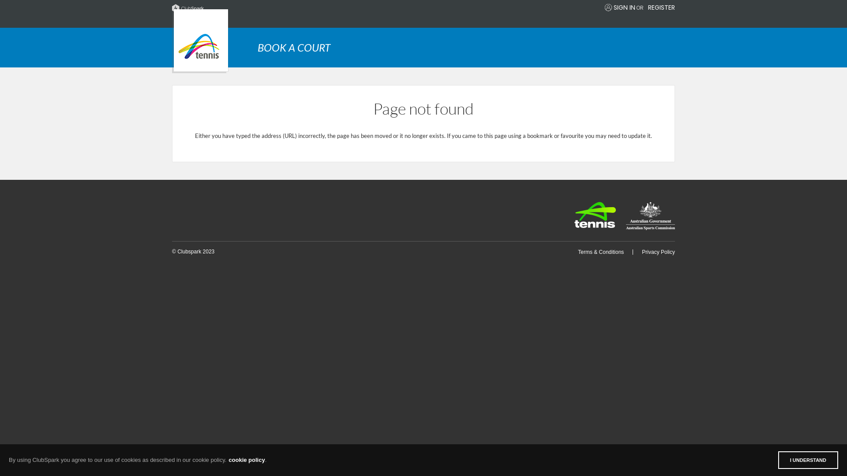  What do you see at coordinates (600, 252) in the screenshot?
I see `'Terms & Conditions'` at bounding box center [600, 252].